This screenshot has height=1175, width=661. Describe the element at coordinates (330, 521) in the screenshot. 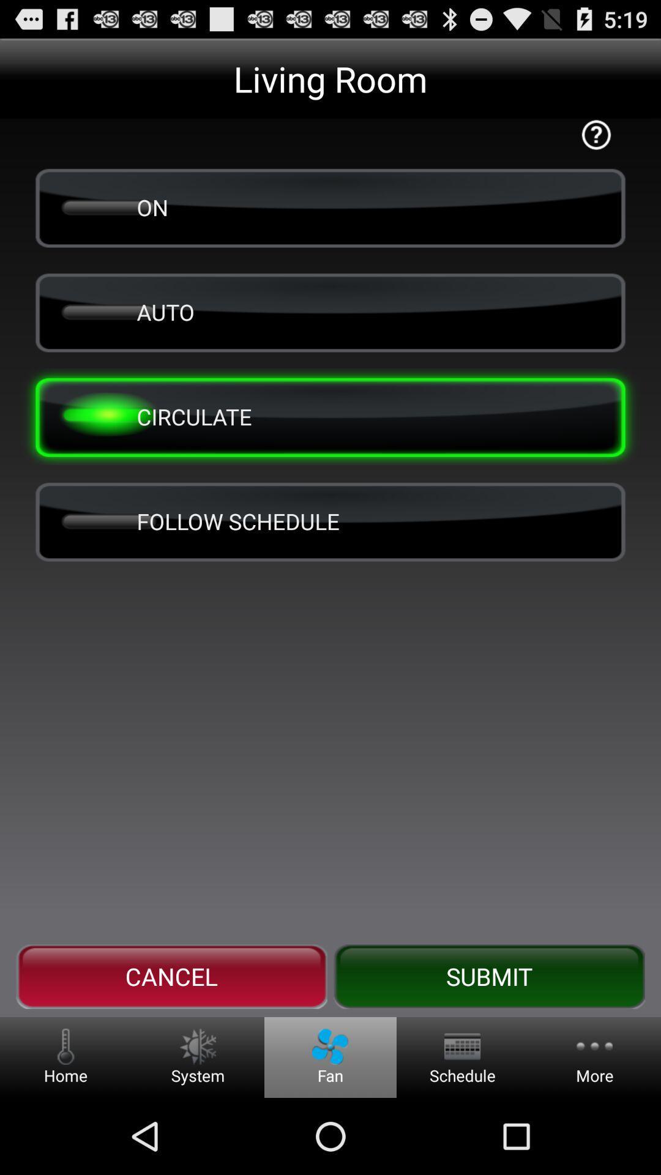

I see `button above the cancel` at that location.